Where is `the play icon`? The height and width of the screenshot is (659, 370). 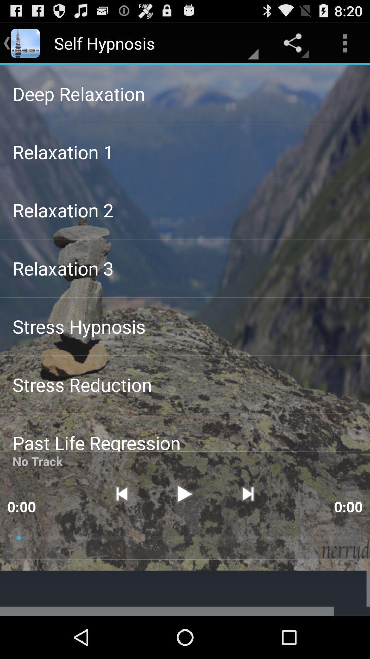 the play icon is located at coordinates (184, 528).